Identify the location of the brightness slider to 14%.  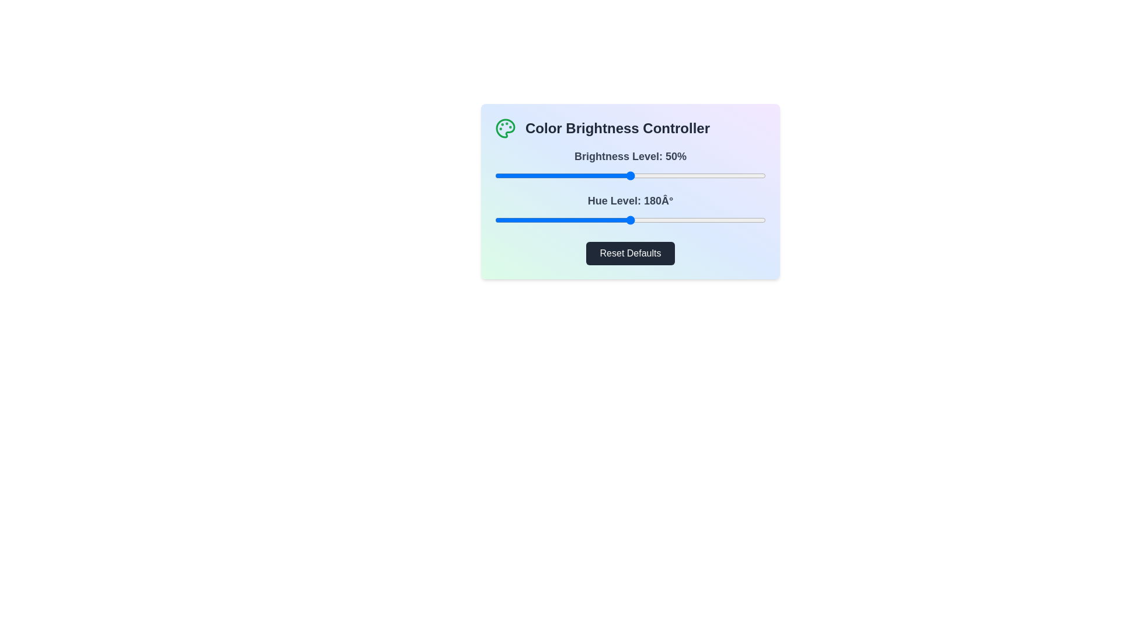
(532, 175).